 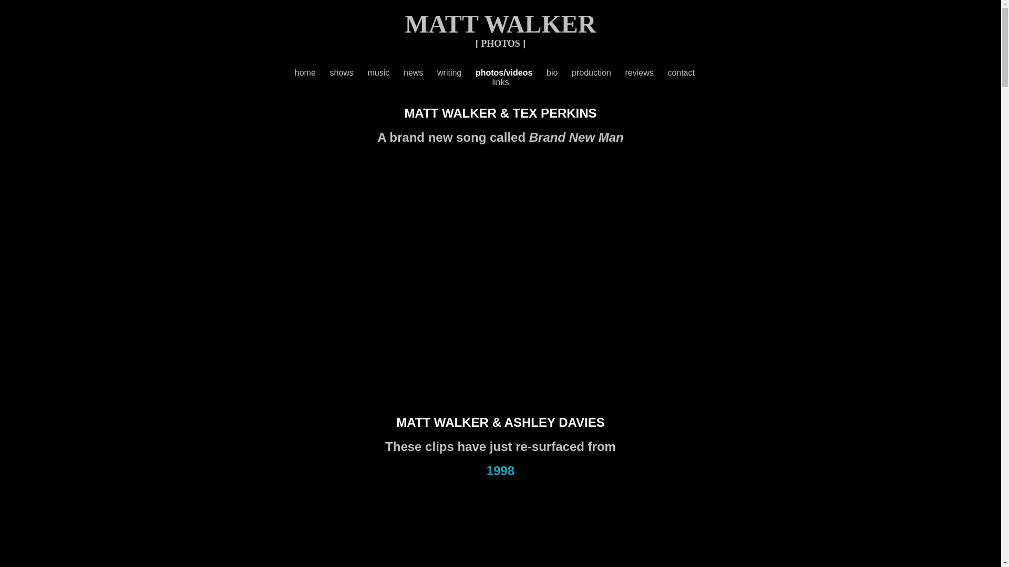 I want to click on 'production     ', so click(x=598, y=72).